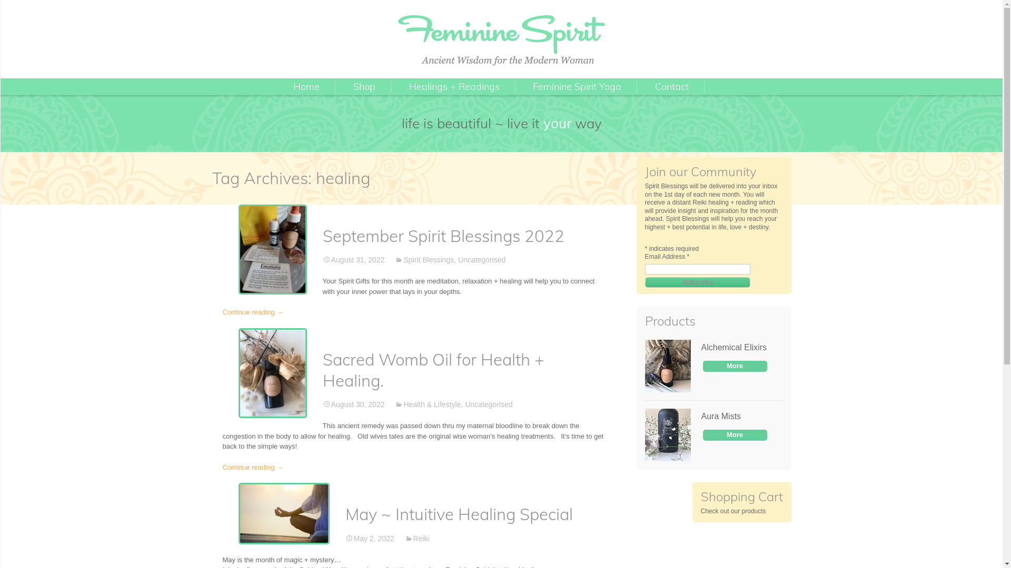  I want to click on 'Shop', so click(338, 86).